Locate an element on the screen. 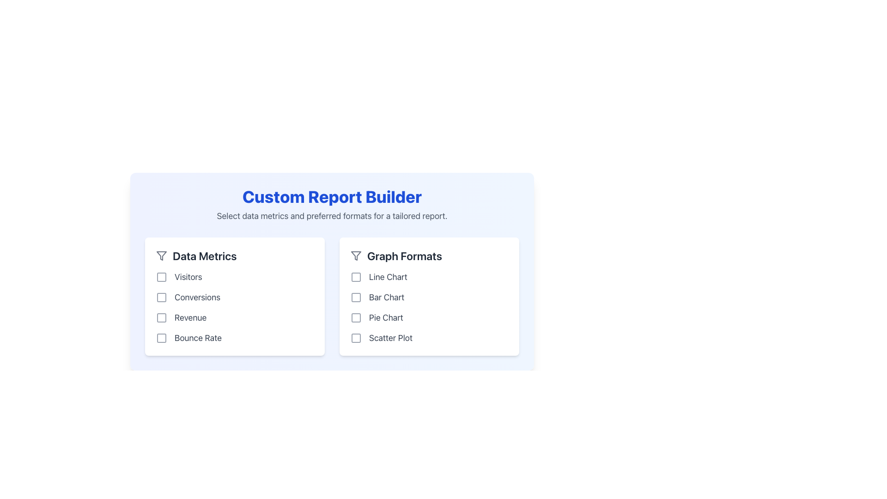 The height and width of the screenshot is (499, 887). the 'Pie Chart' text label, which indicates the option for a pie chart under the graph format category in the right column of the 'Graph Formats' section is located at coordinates (386, 317).